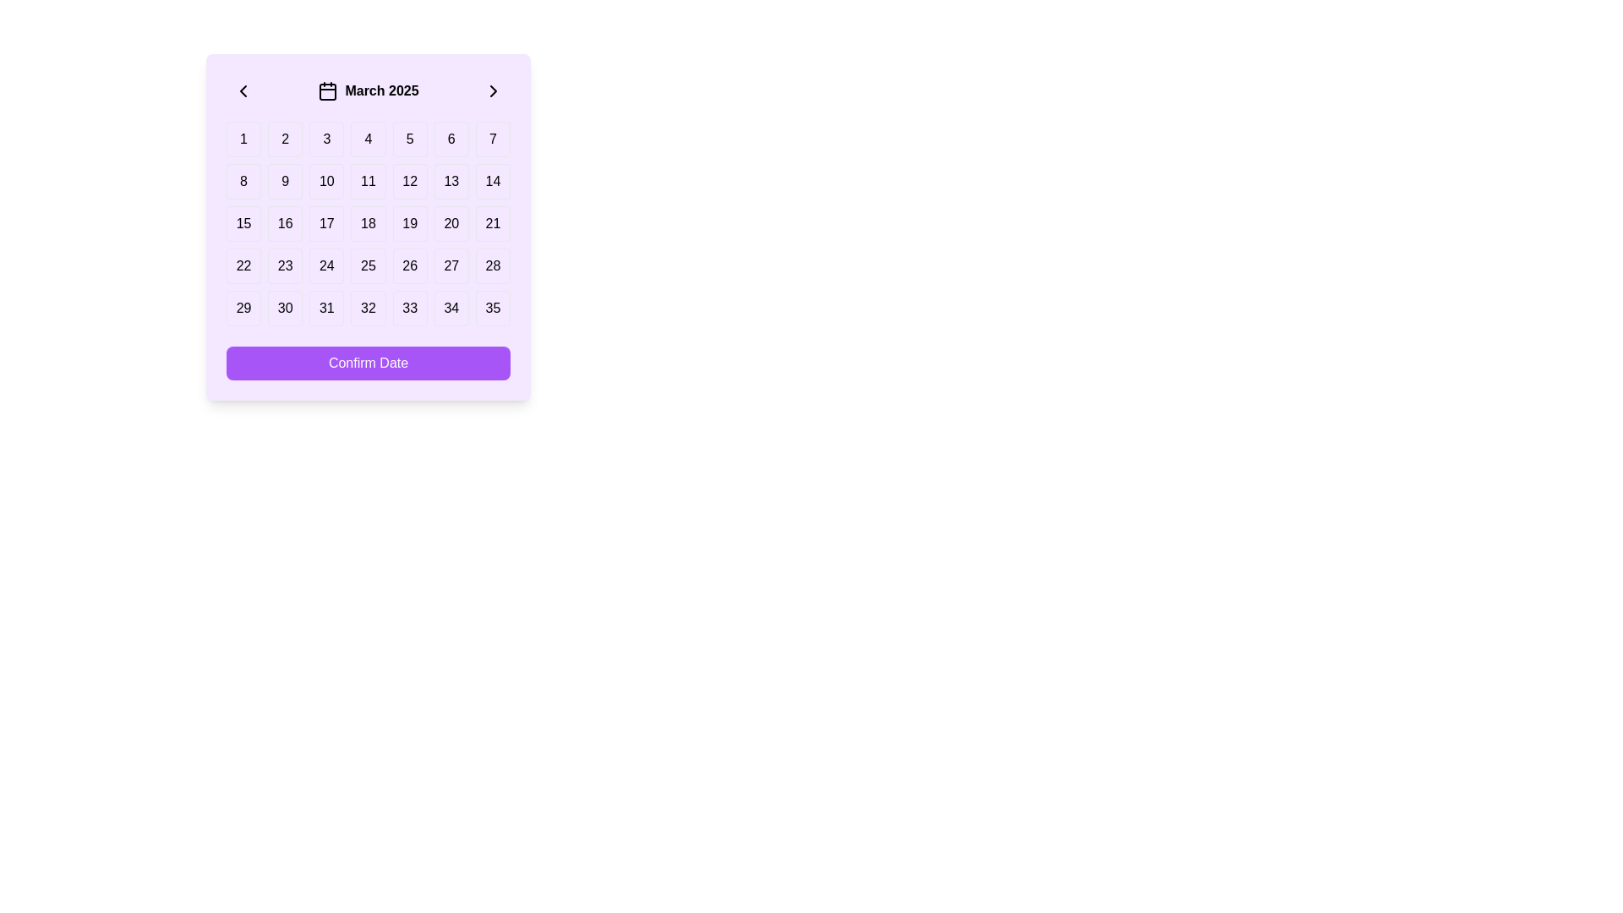 The height and width of the screenshot is (913, 1623). What do you see at coordinates (368, 182) in the screenshot?
I see `the selectable date button located in the second cell of the second row of the date picker grid` at bounding box center [368, 182].